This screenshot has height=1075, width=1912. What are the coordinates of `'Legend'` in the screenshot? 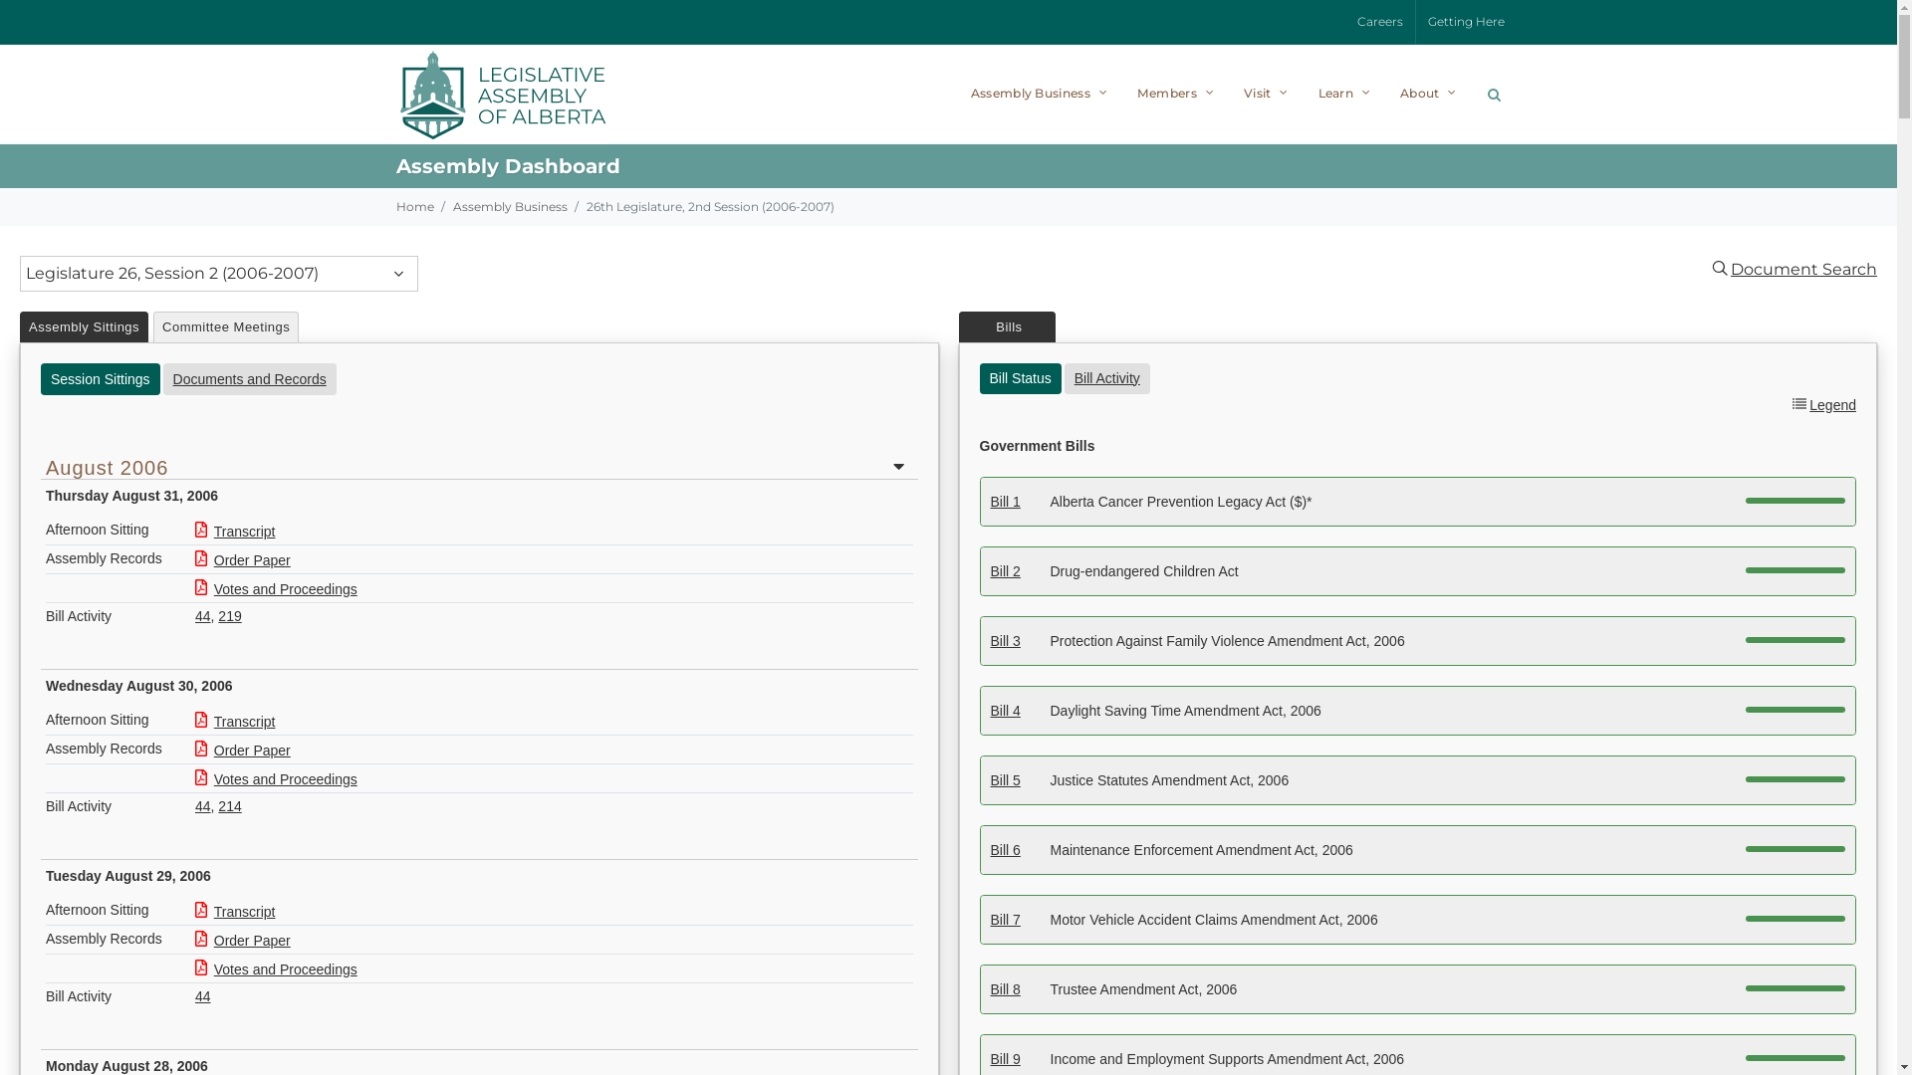 It's located at (1832, 403).